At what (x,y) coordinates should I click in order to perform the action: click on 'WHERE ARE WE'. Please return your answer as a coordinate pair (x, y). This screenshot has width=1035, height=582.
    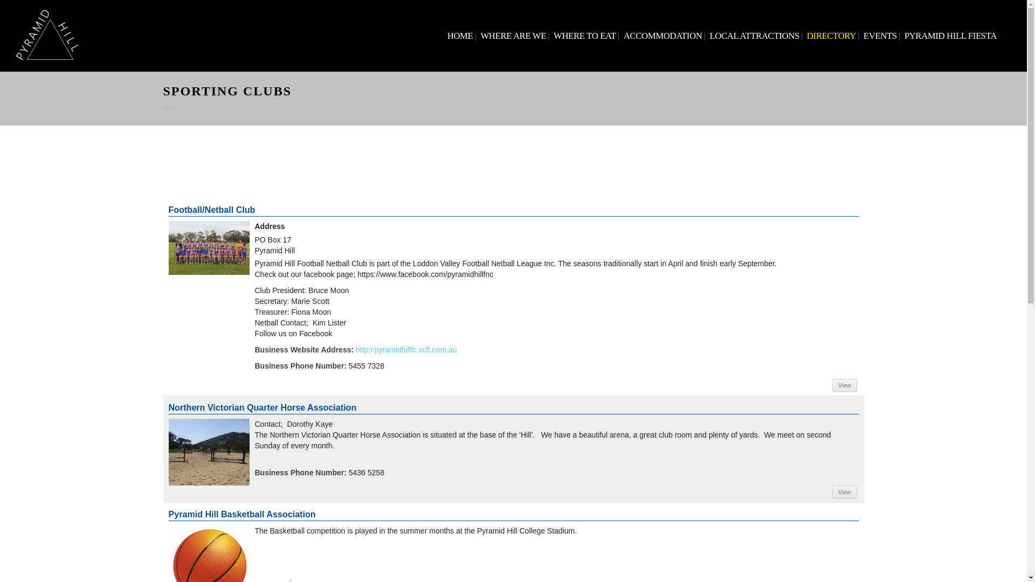
    Looking at the image, I should click on (512, 35).